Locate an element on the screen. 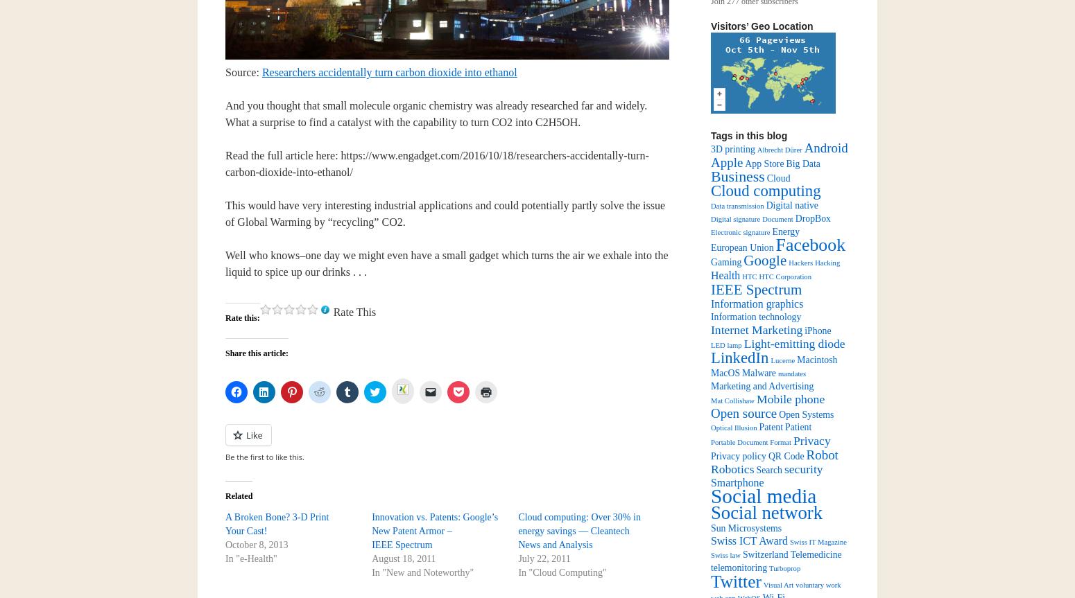 This screenshot has width=1075, height=598. 'Marketing and Advertising' is located at coordinates (761, 386).